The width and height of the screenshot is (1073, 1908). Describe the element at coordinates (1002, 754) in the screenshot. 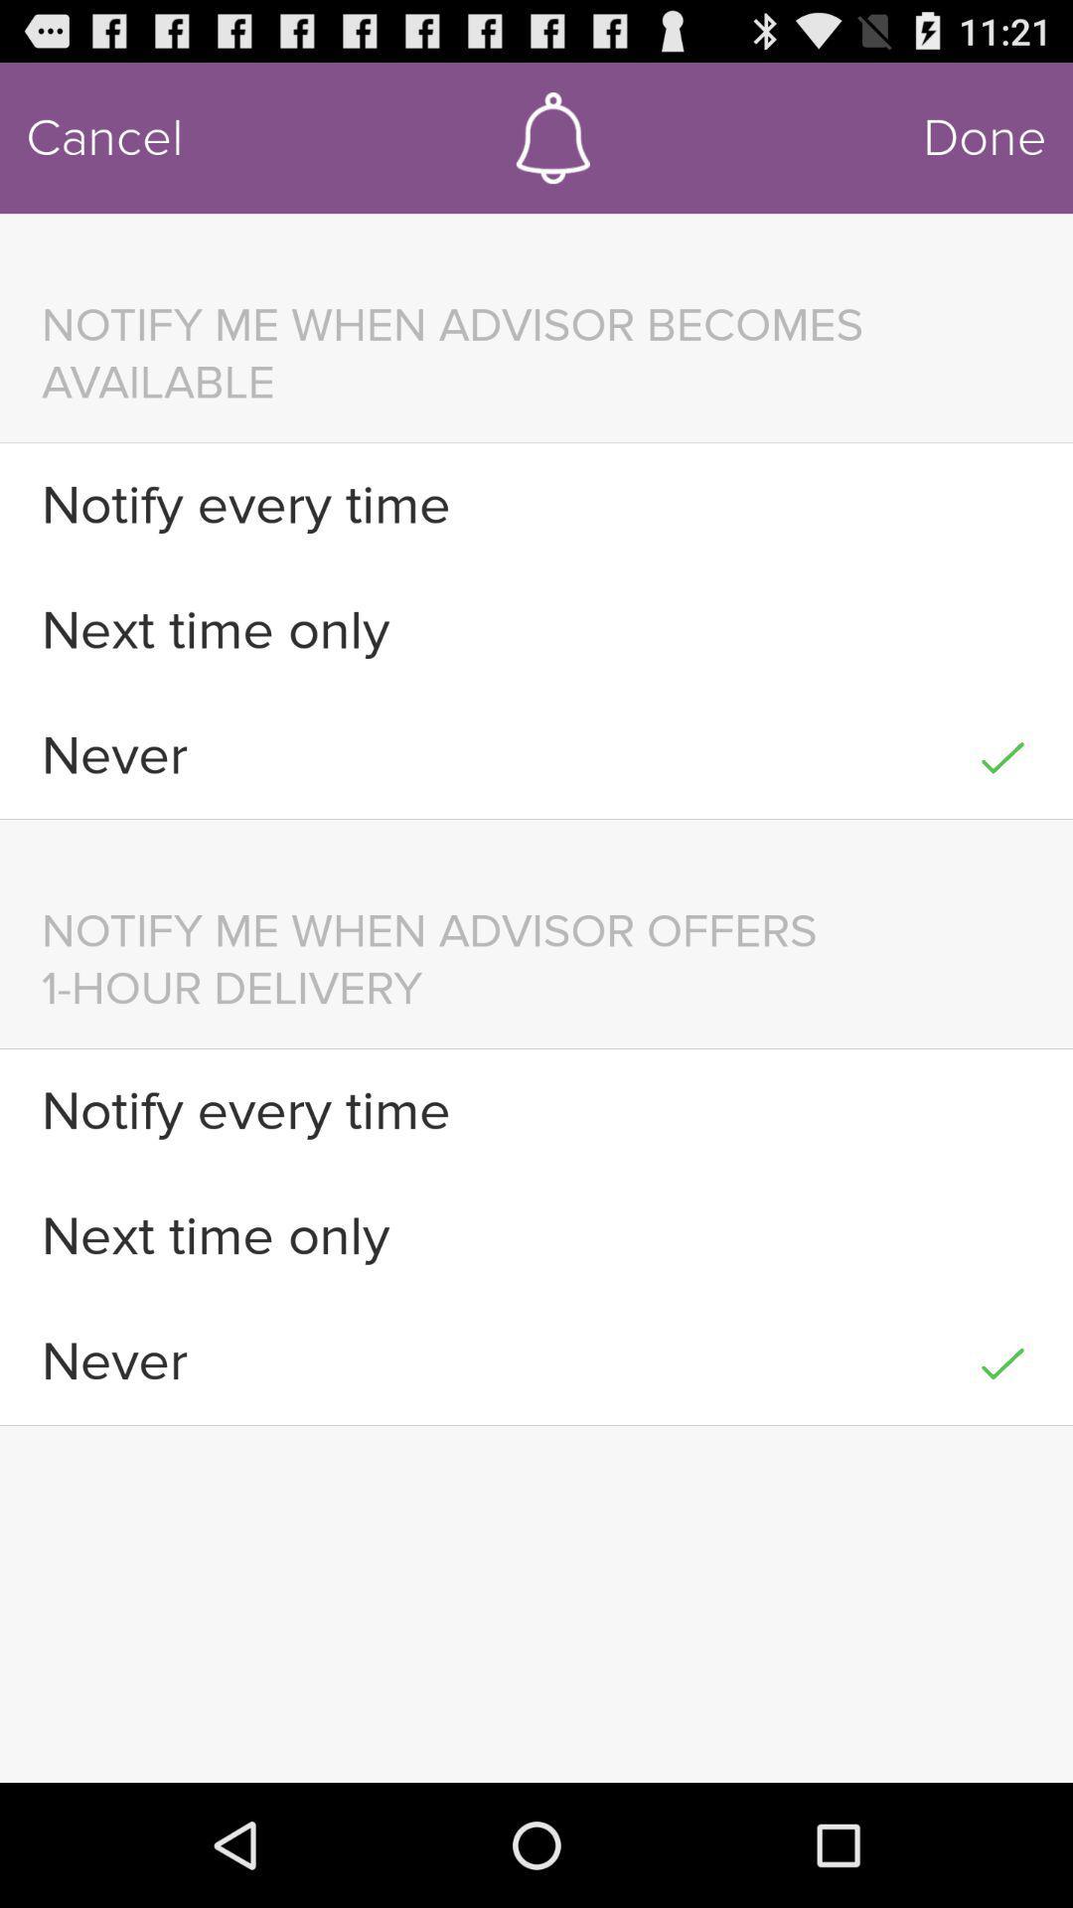

I see `item to the right of never` at that location.